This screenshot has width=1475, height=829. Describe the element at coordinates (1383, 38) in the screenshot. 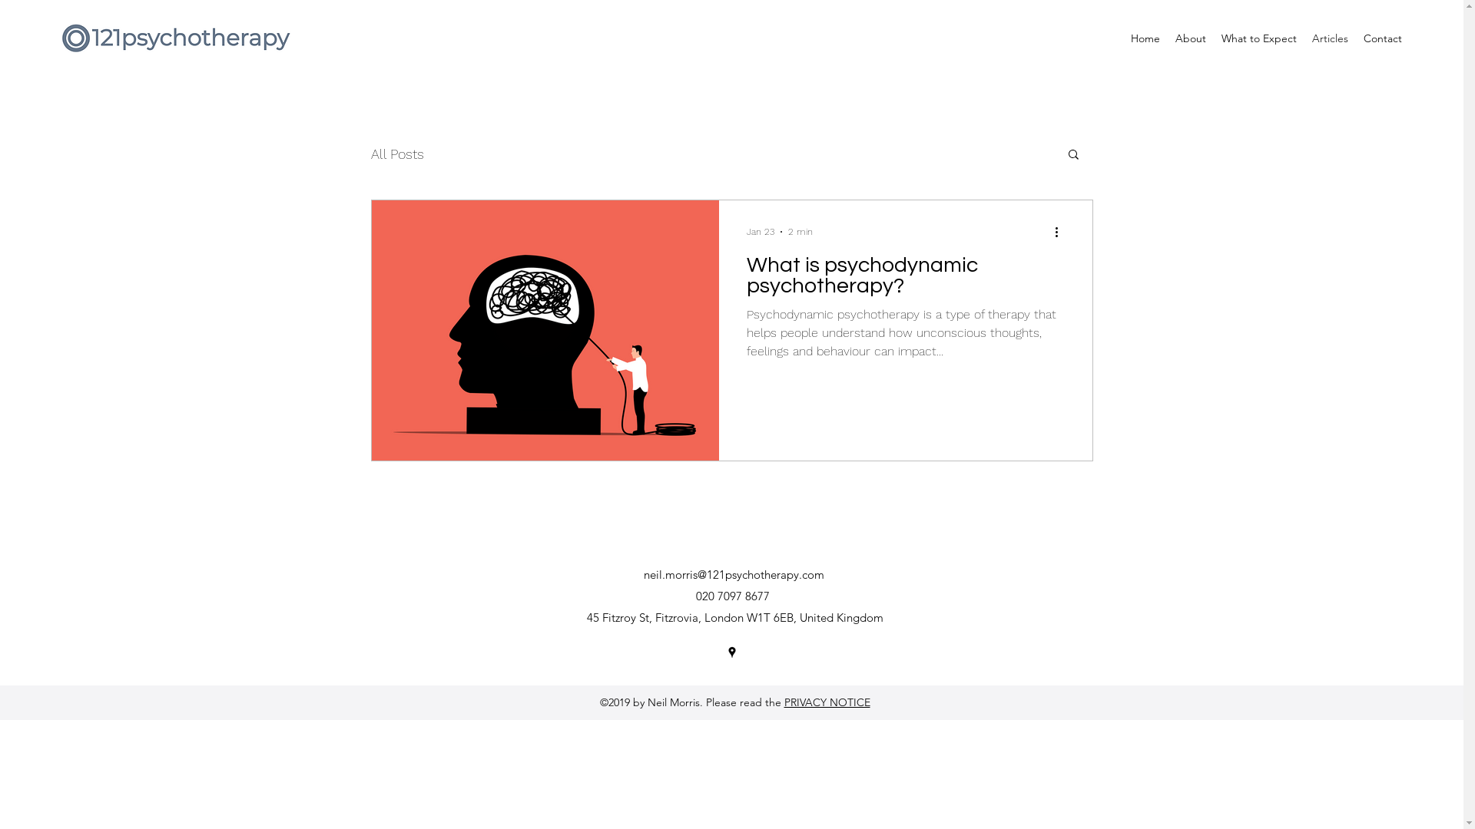

I see `'Contact'` at that location.